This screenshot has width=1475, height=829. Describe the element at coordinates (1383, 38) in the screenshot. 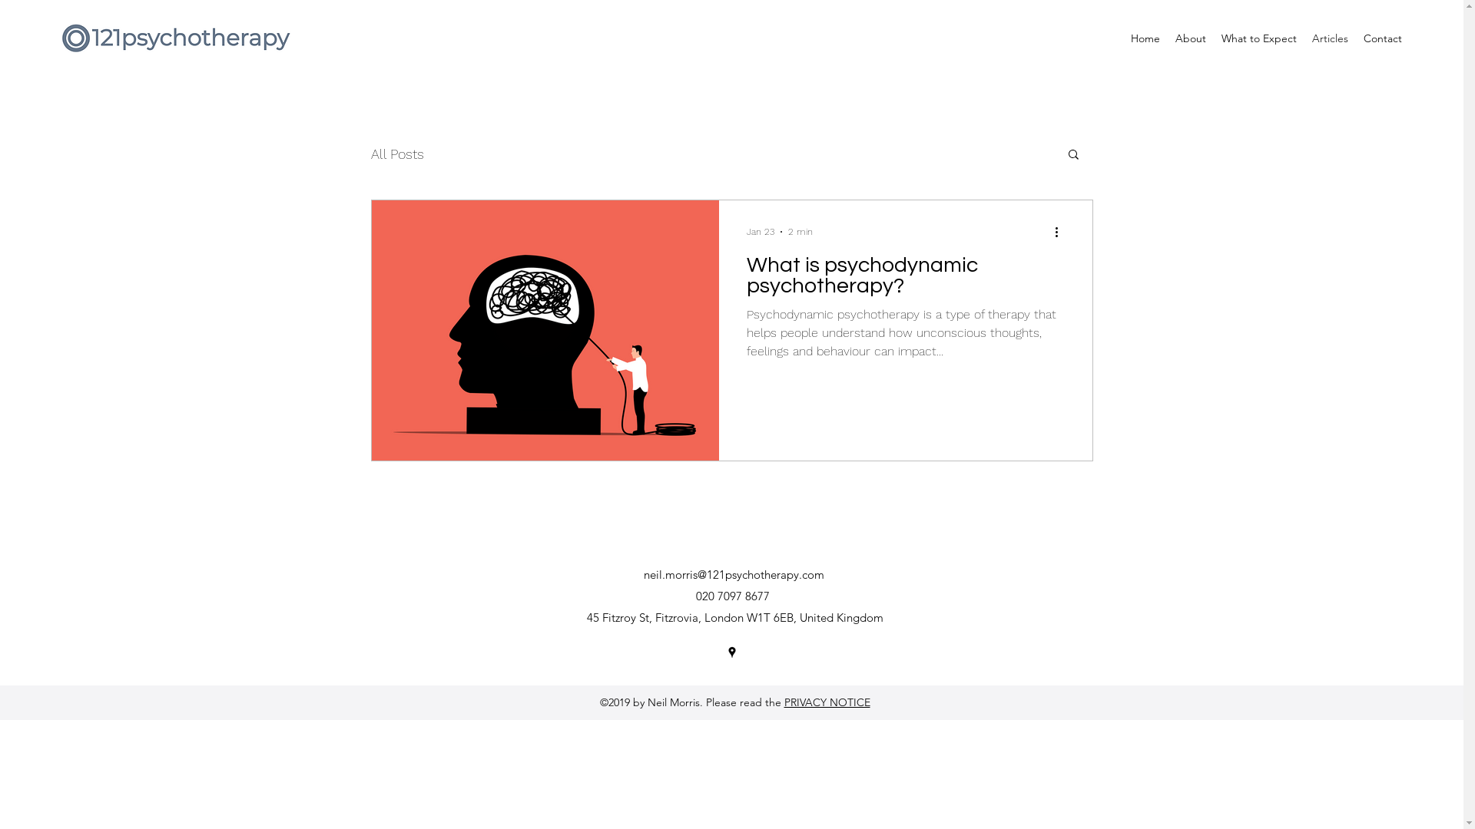

I see `'Contact'` at that location.